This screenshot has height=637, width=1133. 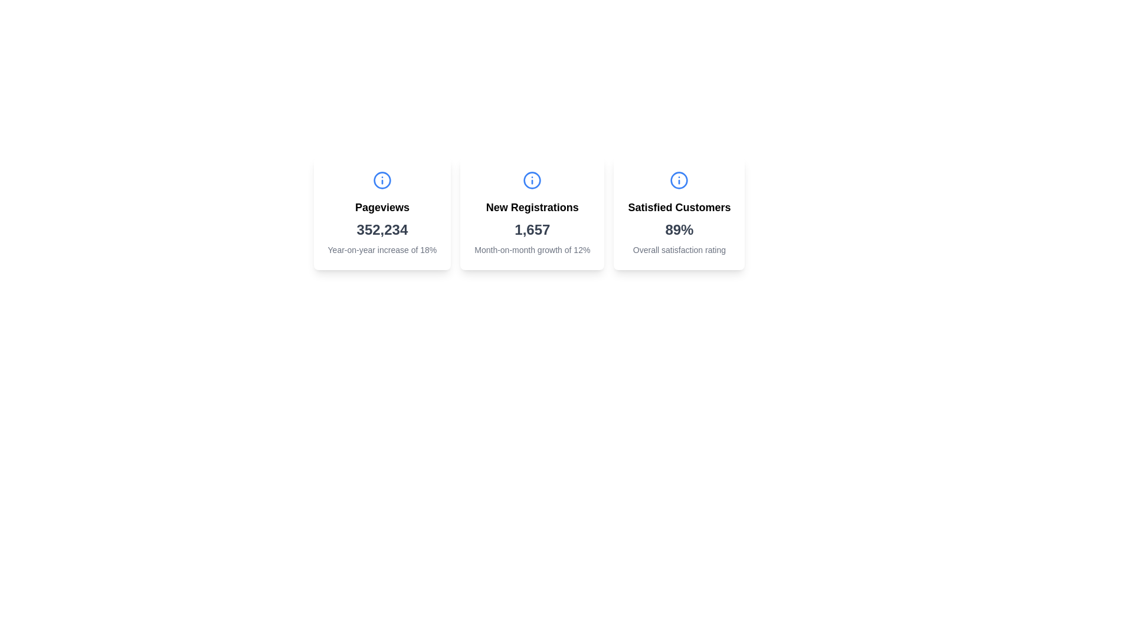 I want to click on the text label that provides additional information about the year-on-year increase percentage, located directly below the number '352,234' in the lower section of the card, so click(x=382, y=249).